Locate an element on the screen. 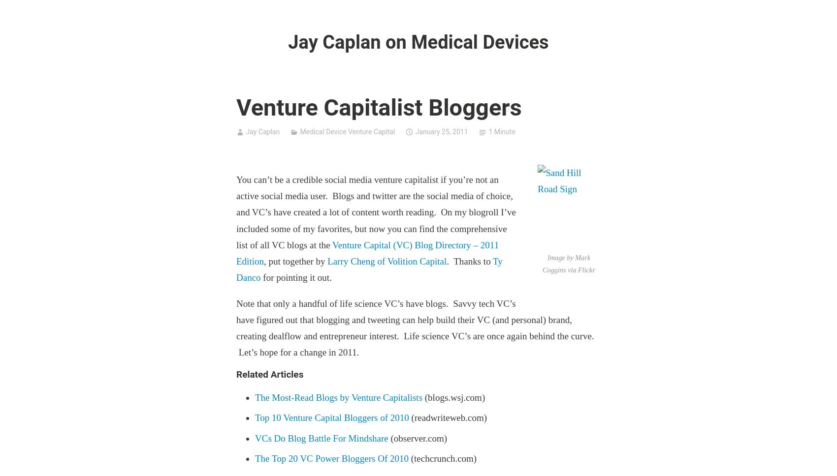 This screenshot has width=837, height=476. '(readwriteweb.com)' is located at coordinates (448, 417).